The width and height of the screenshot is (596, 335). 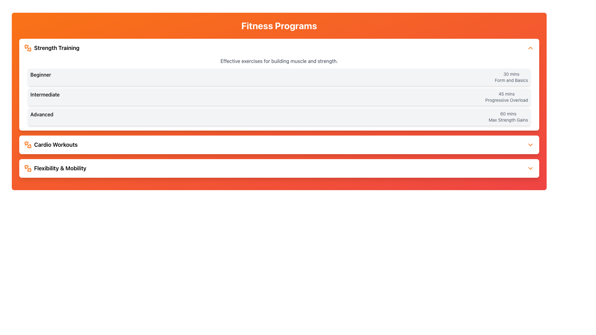 I want to click on the 'Strength Training' icon located at the top of the 'Strength Training' section, so click(x=28, y=47).